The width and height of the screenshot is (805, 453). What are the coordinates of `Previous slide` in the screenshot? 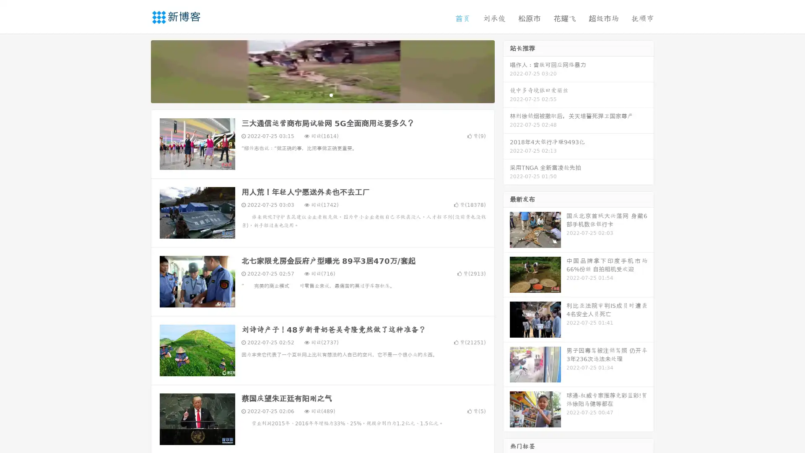 It's located at (138, 70).